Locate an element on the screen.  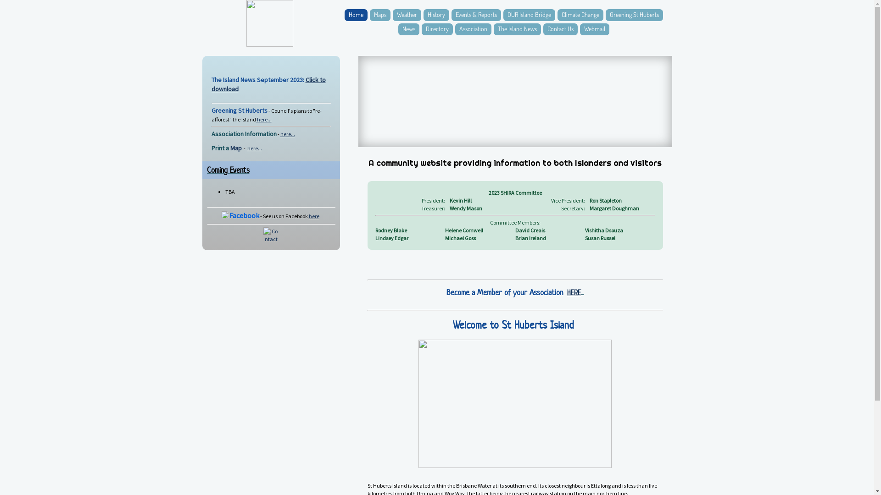
'Climate Change' is located at coordinates (579, 15).